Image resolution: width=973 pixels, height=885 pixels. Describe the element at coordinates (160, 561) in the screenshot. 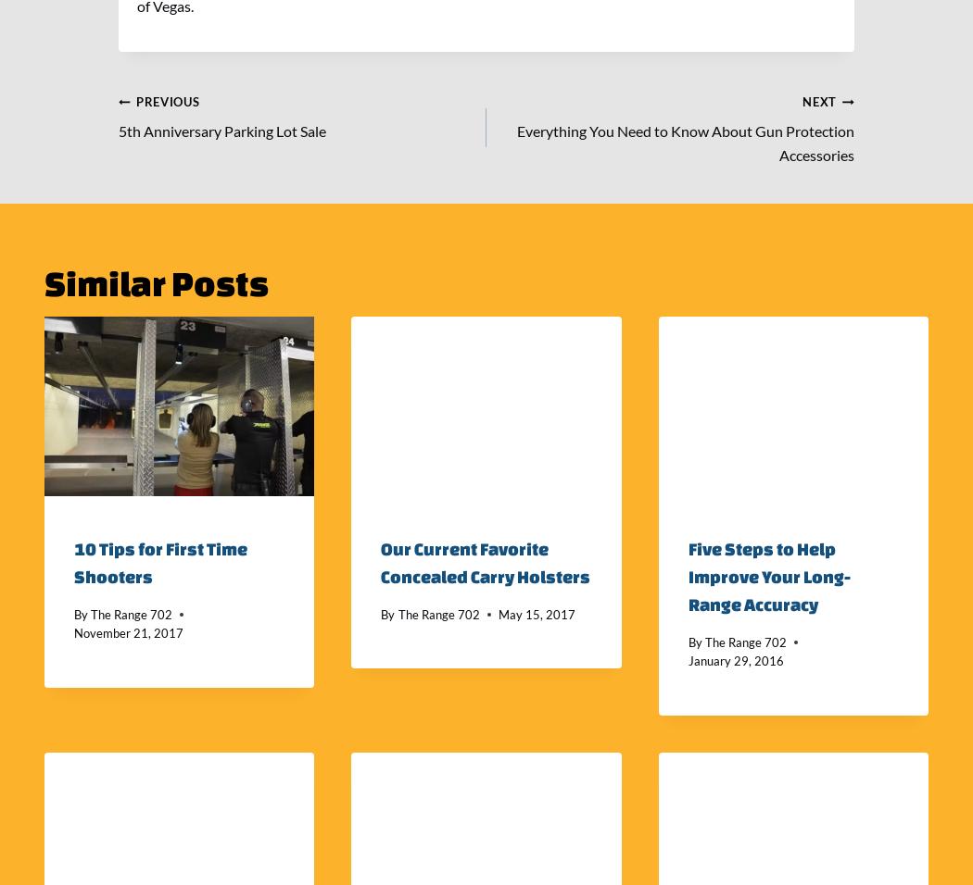

I see `'10 Tips for First Time Shooters'` at that location.